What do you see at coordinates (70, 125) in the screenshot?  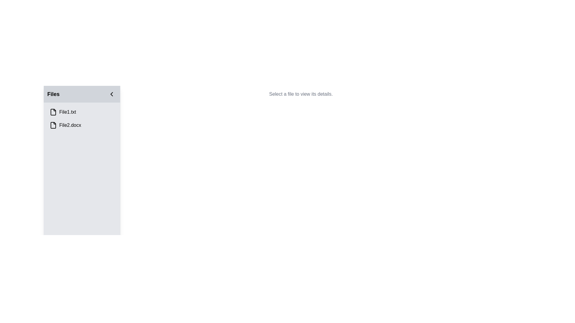 I see `the text label indicating the second file entry beneath 'File1.txt' in the 'Files' section` at bounding box center [70, 125].